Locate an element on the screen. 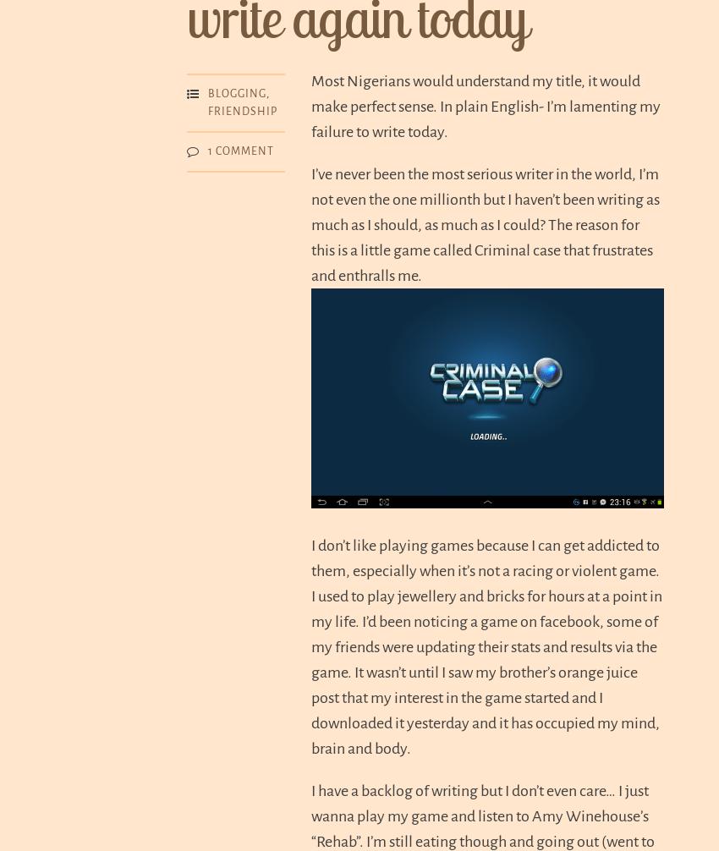 Image resolution: width=719 pixels, height=851 pixels. 'I don’t like playing games because I can get addicted to them, especially when it’s not a racing or violent game. I used to play jewellery and bricks for hours at a point in my life. I’d been noticing a game on facebook, some of my friends were updating their stats and results via the game. It wasn’t until I saw my brother’s orange juice post that my interest in the game started and I downloaded it yesterday and it has occupied my mind, brain and body.' is located at coordinates (310, 645).